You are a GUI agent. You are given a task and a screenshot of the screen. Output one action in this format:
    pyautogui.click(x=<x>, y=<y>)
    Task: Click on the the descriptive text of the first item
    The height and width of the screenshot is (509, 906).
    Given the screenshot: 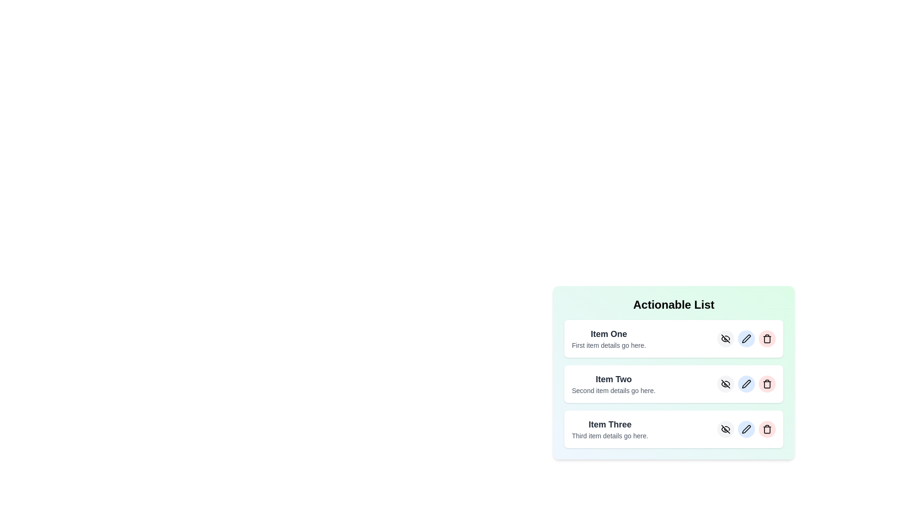 What is the action you would take?
    pyautogui.click(x=609, y=345)
    